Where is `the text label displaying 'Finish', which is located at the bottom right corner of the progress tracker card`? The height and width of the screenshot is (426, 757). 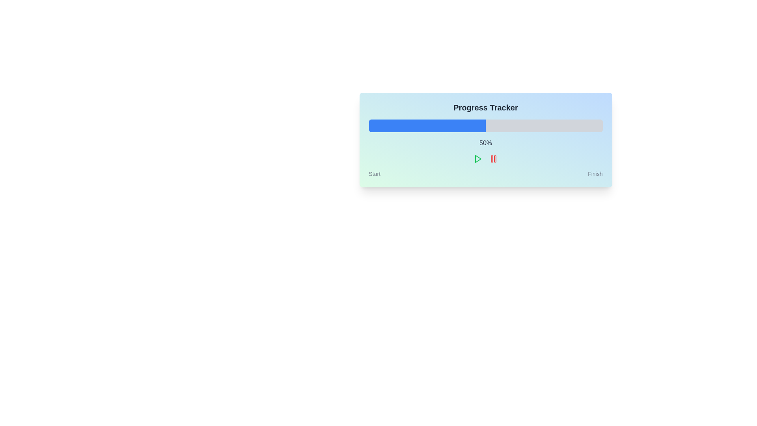
the text label displaying 'Finish', which is located at the bottom right corner of the progress tracker card is located at coordinates (595, 173).